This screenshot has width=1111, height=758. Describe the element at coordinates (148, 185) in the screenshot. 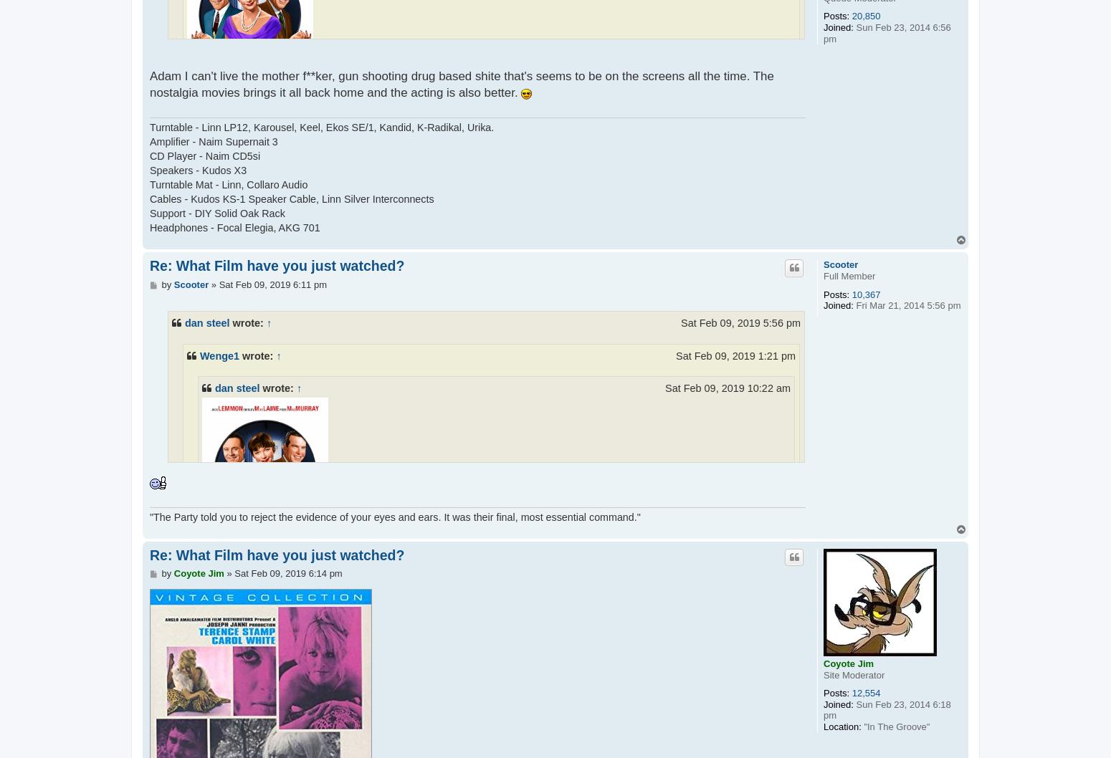

I see `'Turntable Mat - Linn, Collaro Audio'` at that location.